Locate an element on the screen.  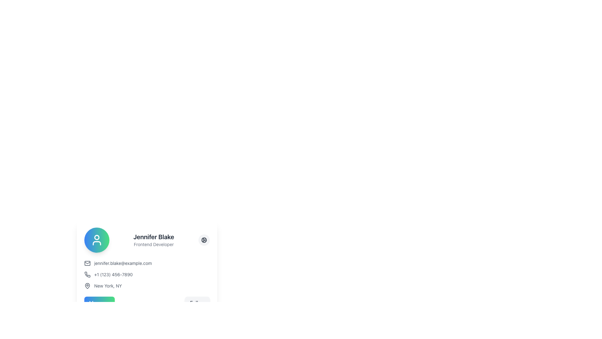
the gear icon located within the light gray circular button at the top-right corner of the user detail card is located at coordinates (204, 240).